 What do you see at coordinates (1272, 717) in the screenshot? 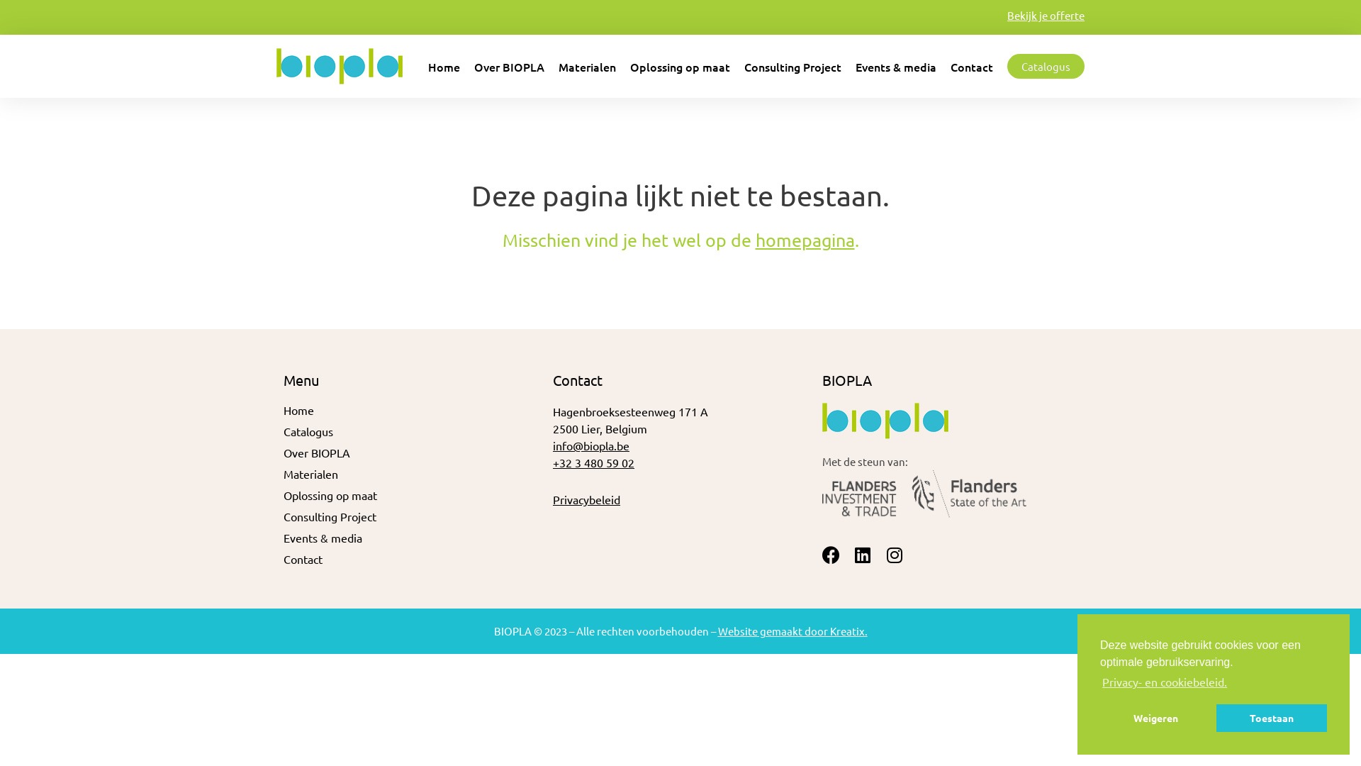
I see `'Toestaan'` at bounding box center [1272, 717].